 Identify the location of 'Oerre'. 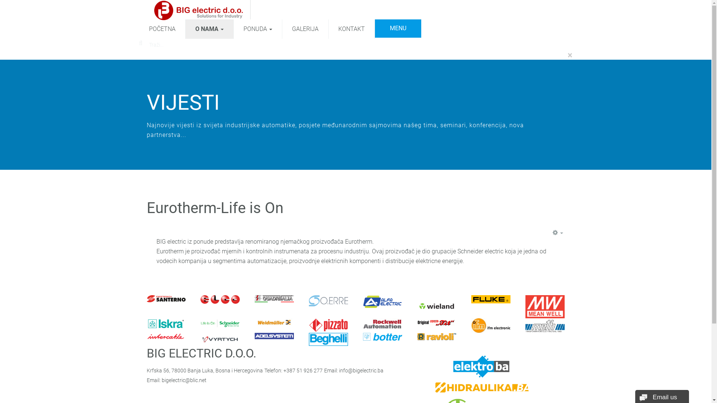
(328, 300).